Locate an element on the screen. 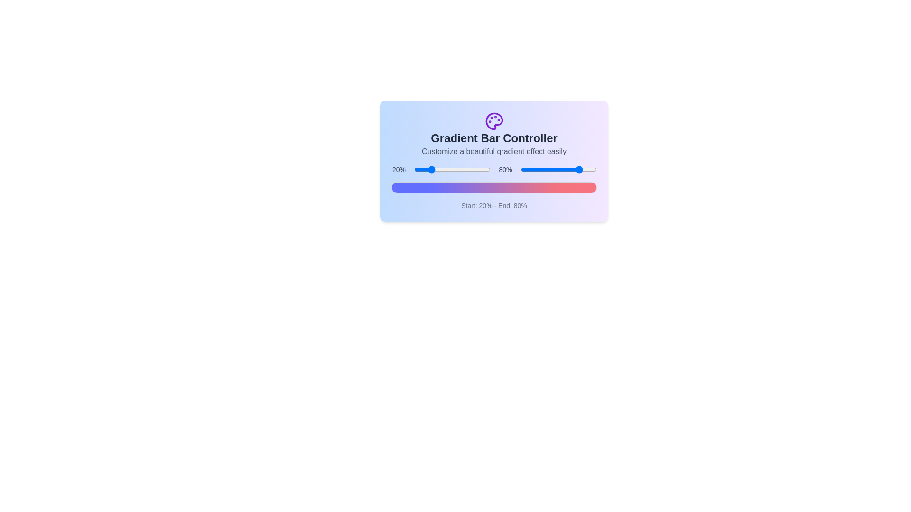  the start percentage slider to 99% is located at coordinates (489, 169).